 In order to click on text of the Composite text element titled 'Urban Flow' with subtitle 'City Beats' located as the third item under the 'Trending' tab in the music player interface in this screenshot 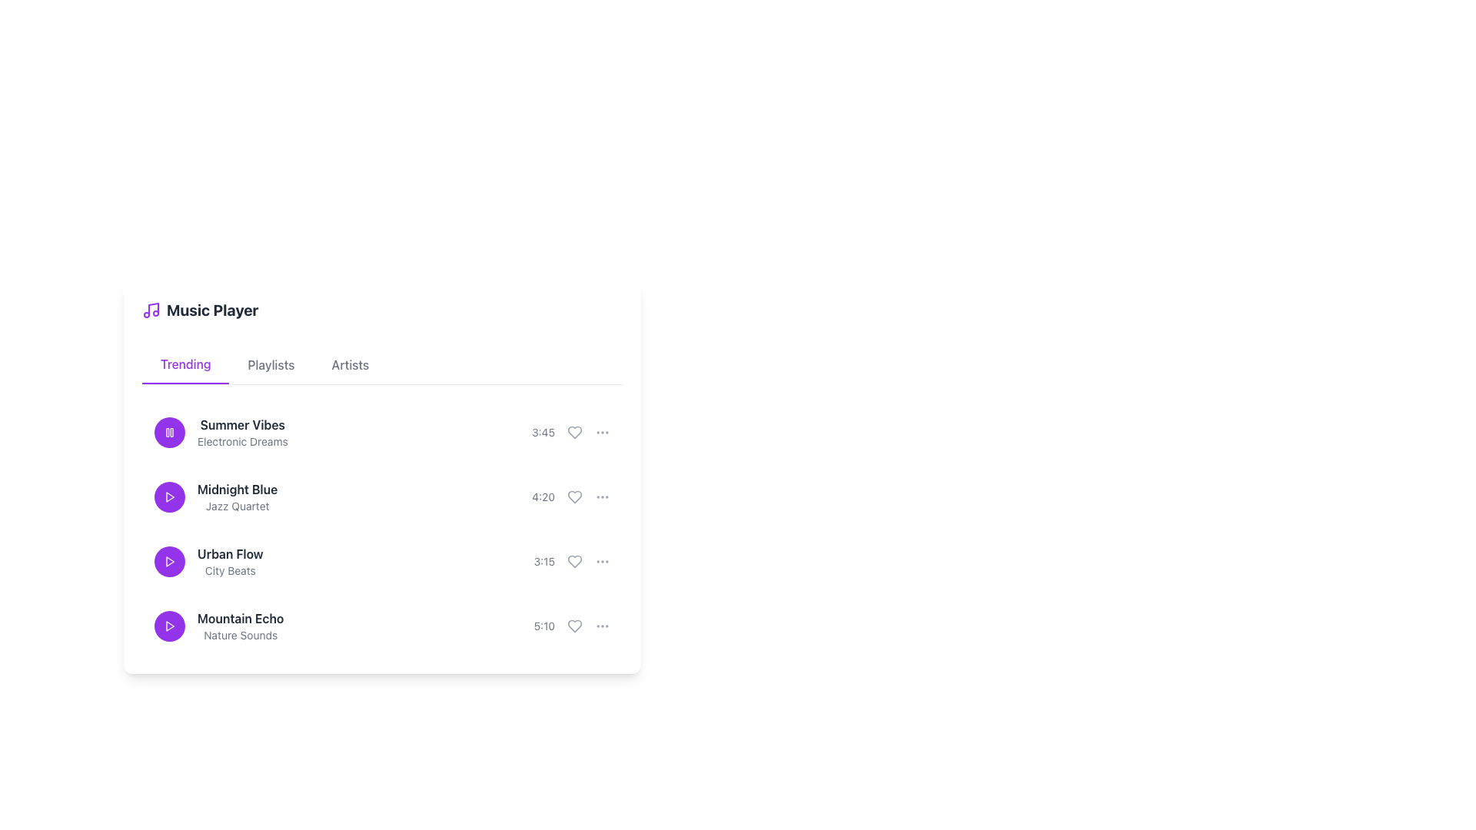, I will do `click(229, 562)`.